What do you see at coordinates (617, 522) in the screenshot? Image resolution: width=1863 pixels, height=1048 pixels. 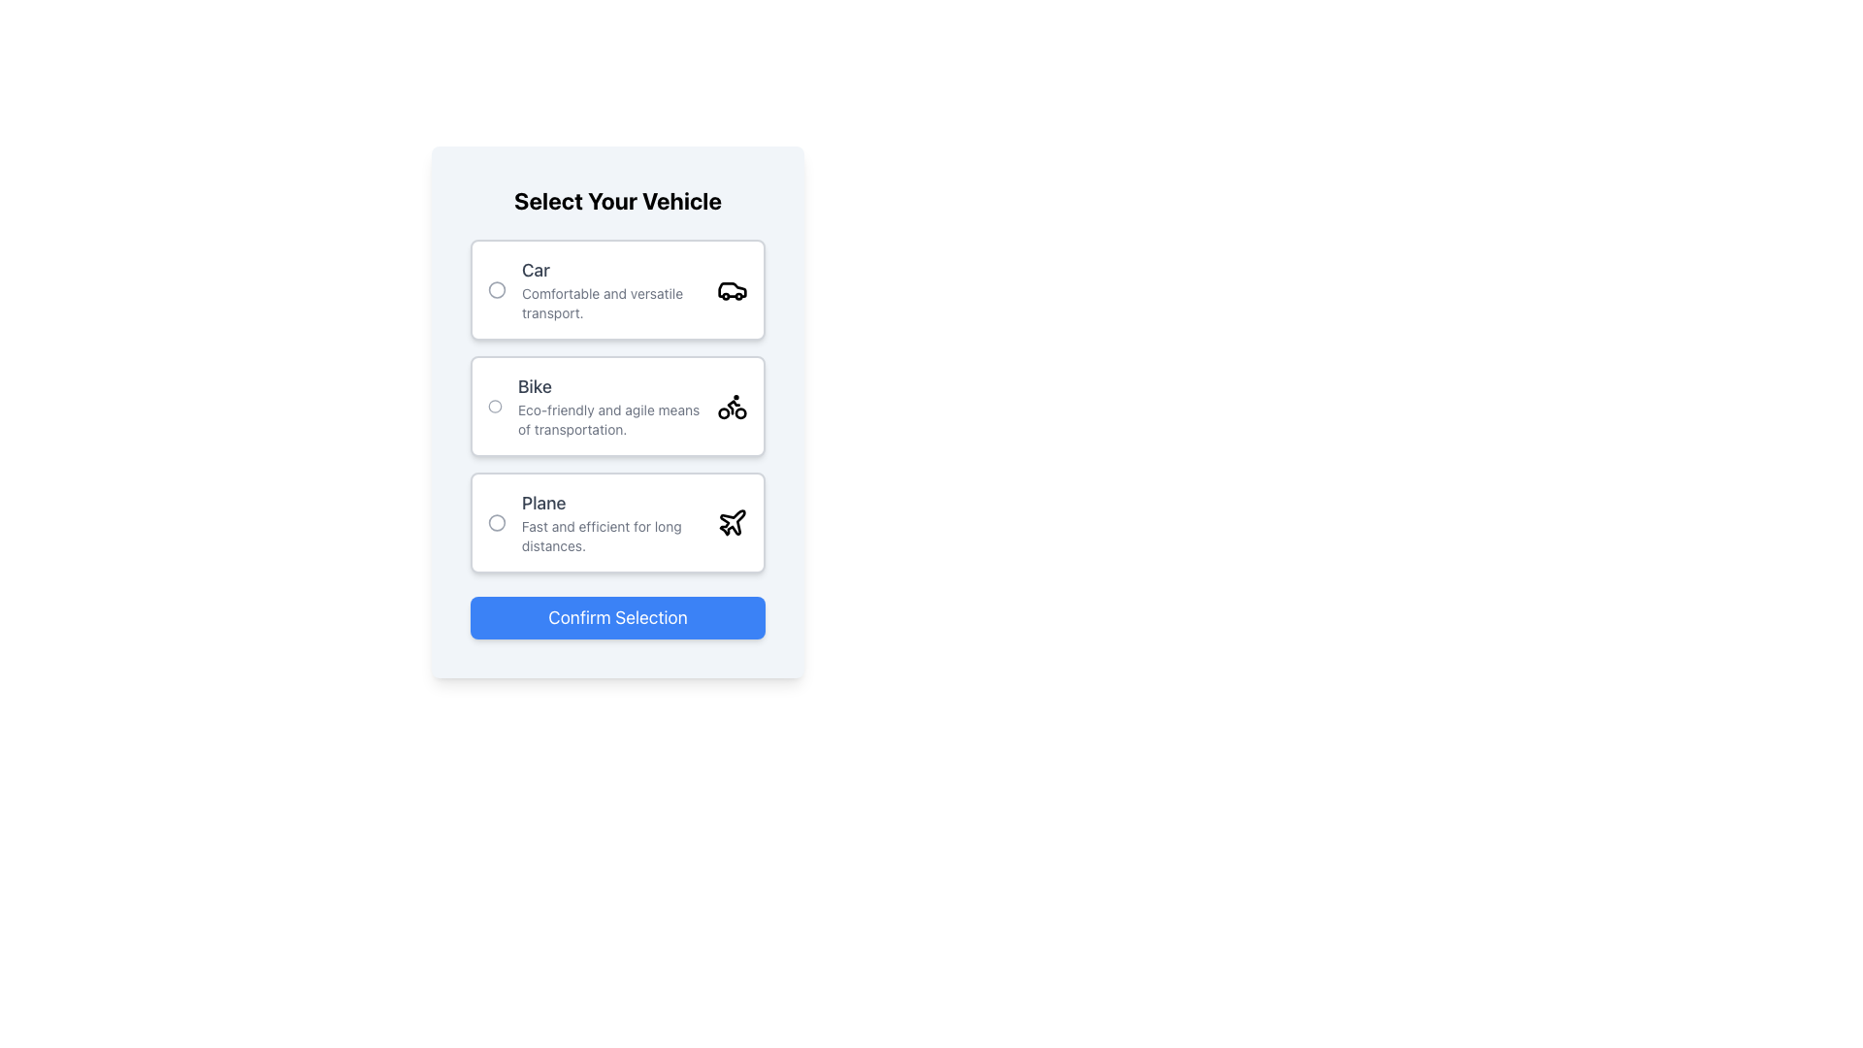 I see `the circular radio button for the 'Plane' transportation option in the selectable list item, which is the last entry in the vertical list of options` at bounding box center [617, 522].